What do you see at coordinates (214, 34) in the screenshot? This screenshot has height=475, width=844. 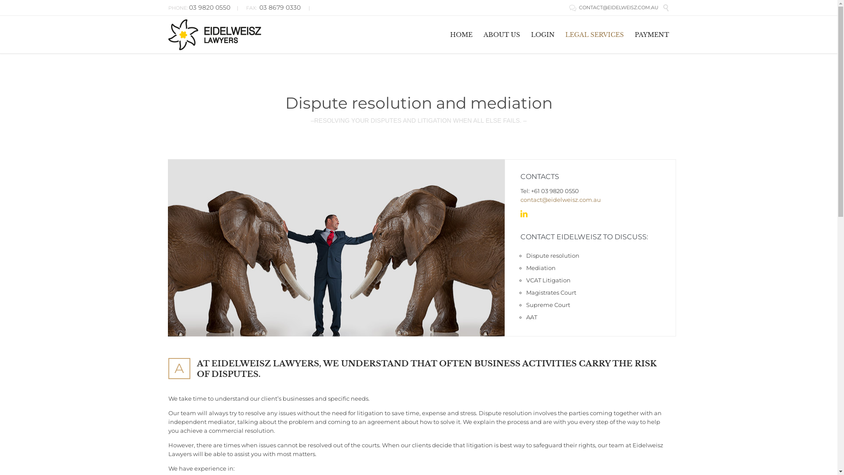 I see `'Eidelweisz Lawyers'` at bounding box center [214, 34].